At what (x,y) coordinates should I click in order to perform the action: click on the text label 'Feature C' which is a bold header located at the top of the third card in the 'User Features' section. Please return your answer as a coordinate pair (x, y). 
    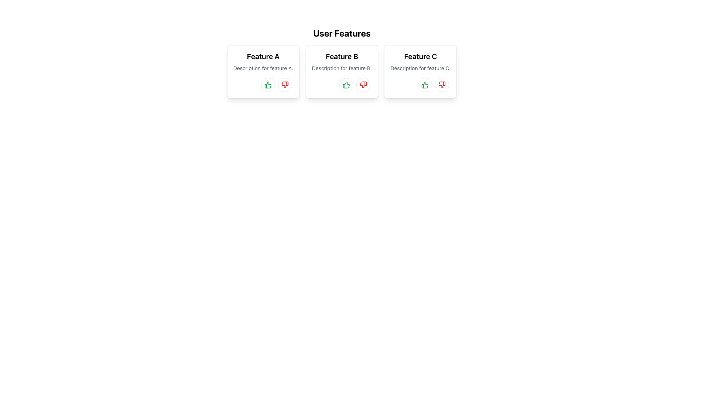
    Looking at the image, I should click on (420, 56).